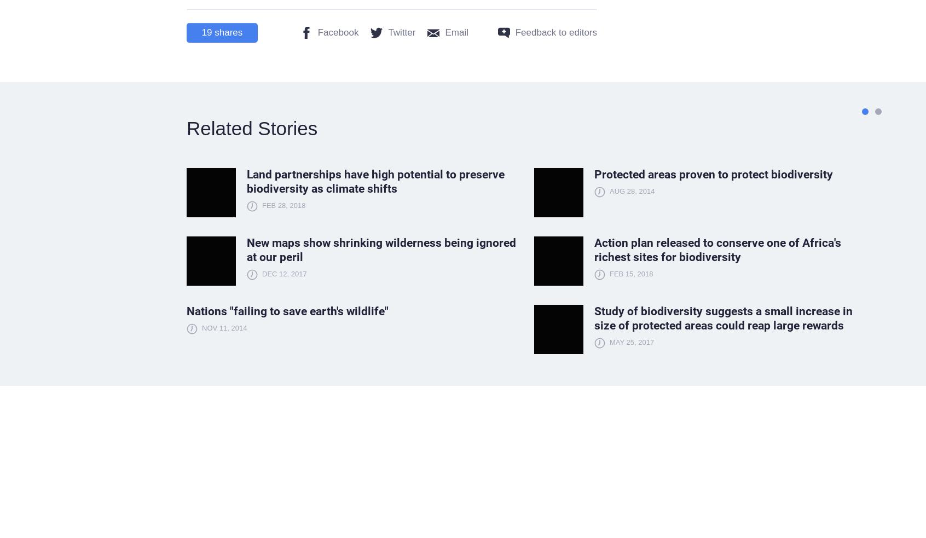 The width and height of the screenshot is (926, 538). Describe the element at coordinates (609, 342) in the screenshot. I see `'May 25, 2017'` at that location.